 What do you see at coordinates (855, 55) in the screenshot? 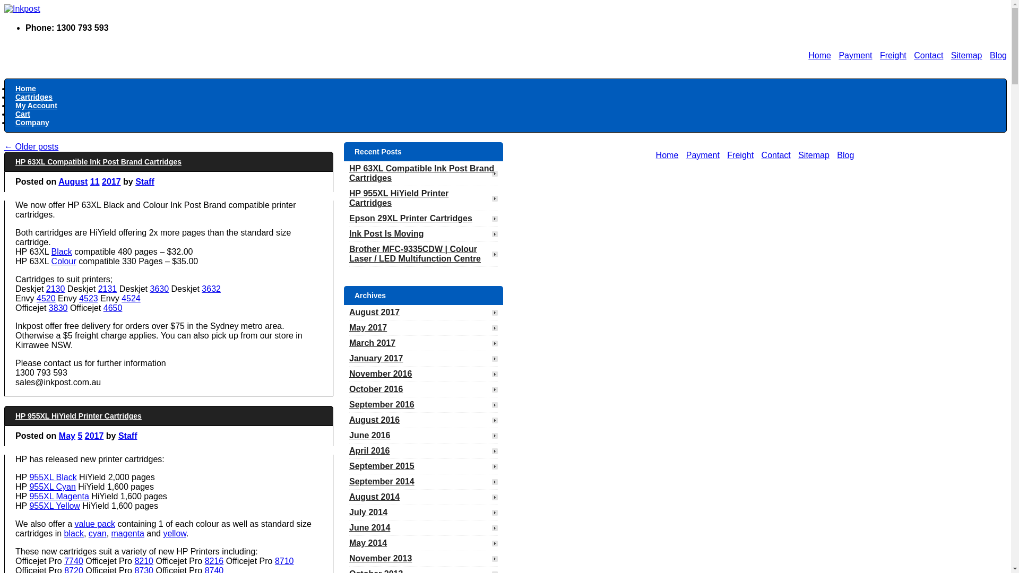
I see `'Payment'` at bounding box center [855, 55].